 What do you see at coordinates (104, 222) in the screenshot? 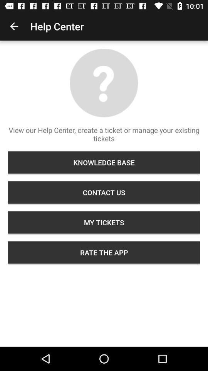
I see `the icon above rate the app icon` at bounding box center [104, 222].